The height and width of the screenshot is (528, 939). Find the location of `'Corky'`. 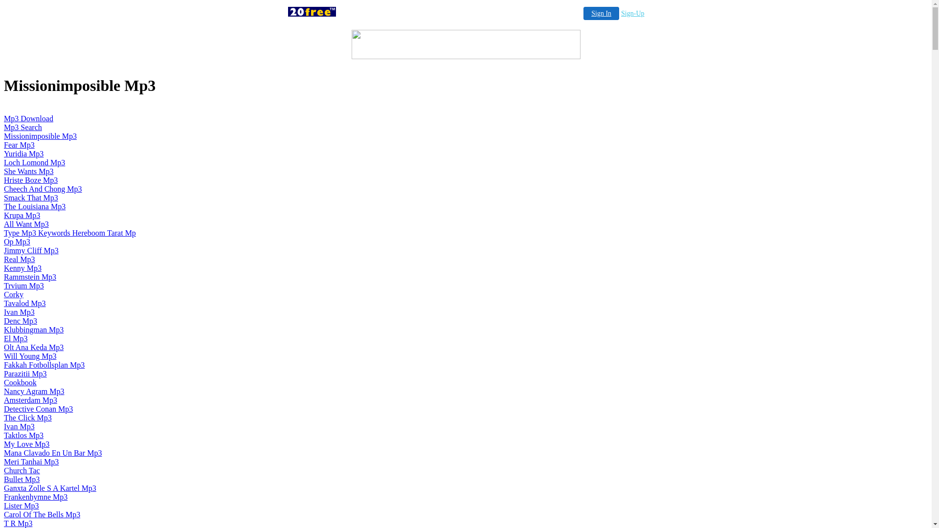

'Corky' is located at coordinates (14, 294).